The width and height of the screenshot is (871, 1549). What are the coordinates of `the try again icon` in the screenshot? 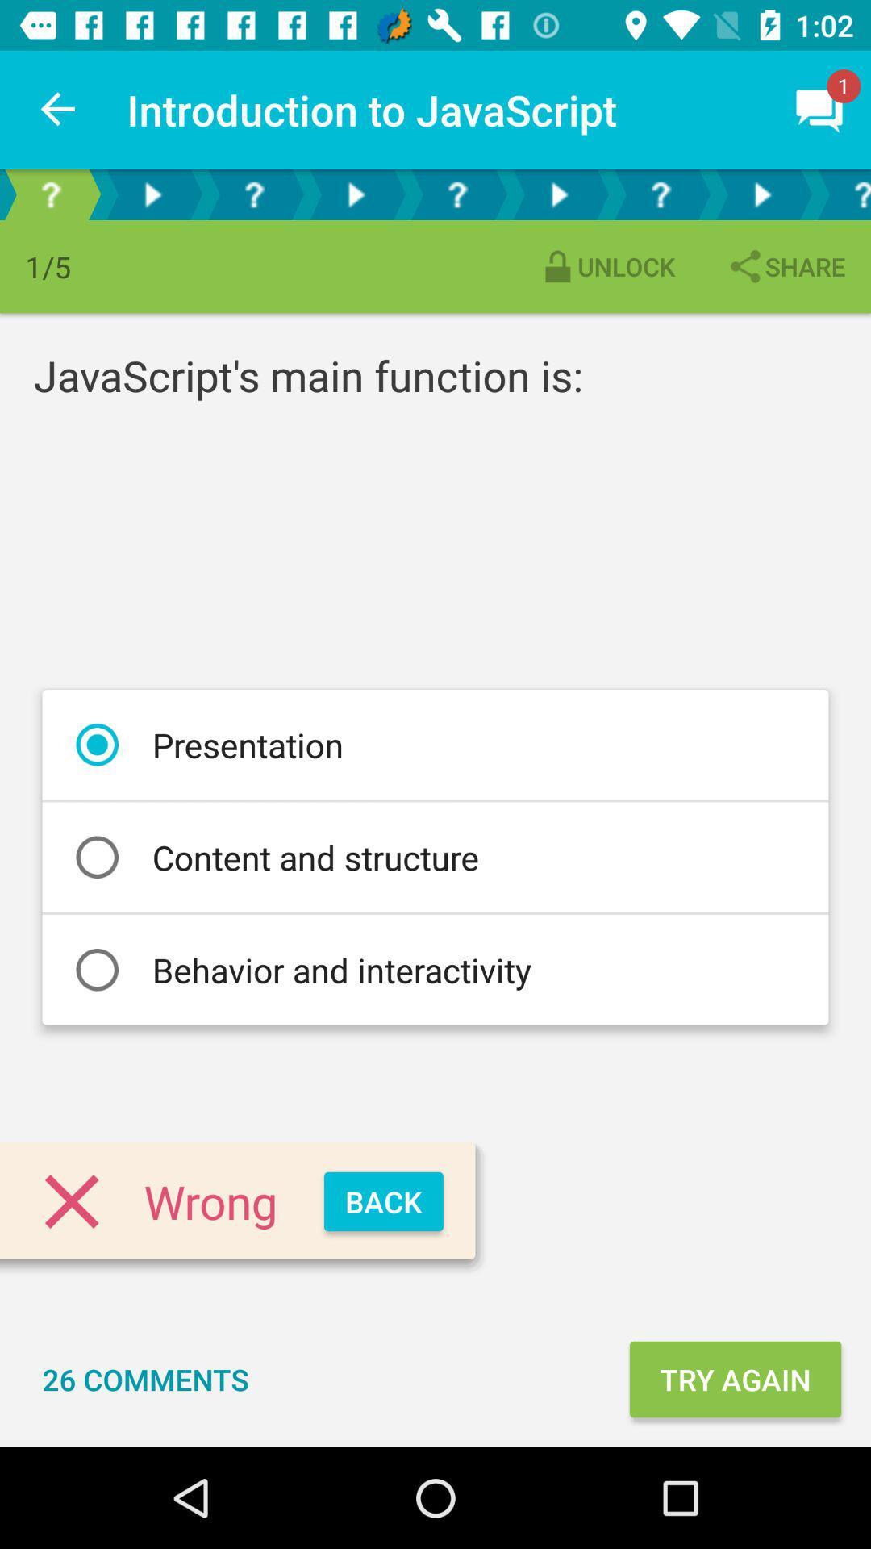 It's located at (735, 1378).